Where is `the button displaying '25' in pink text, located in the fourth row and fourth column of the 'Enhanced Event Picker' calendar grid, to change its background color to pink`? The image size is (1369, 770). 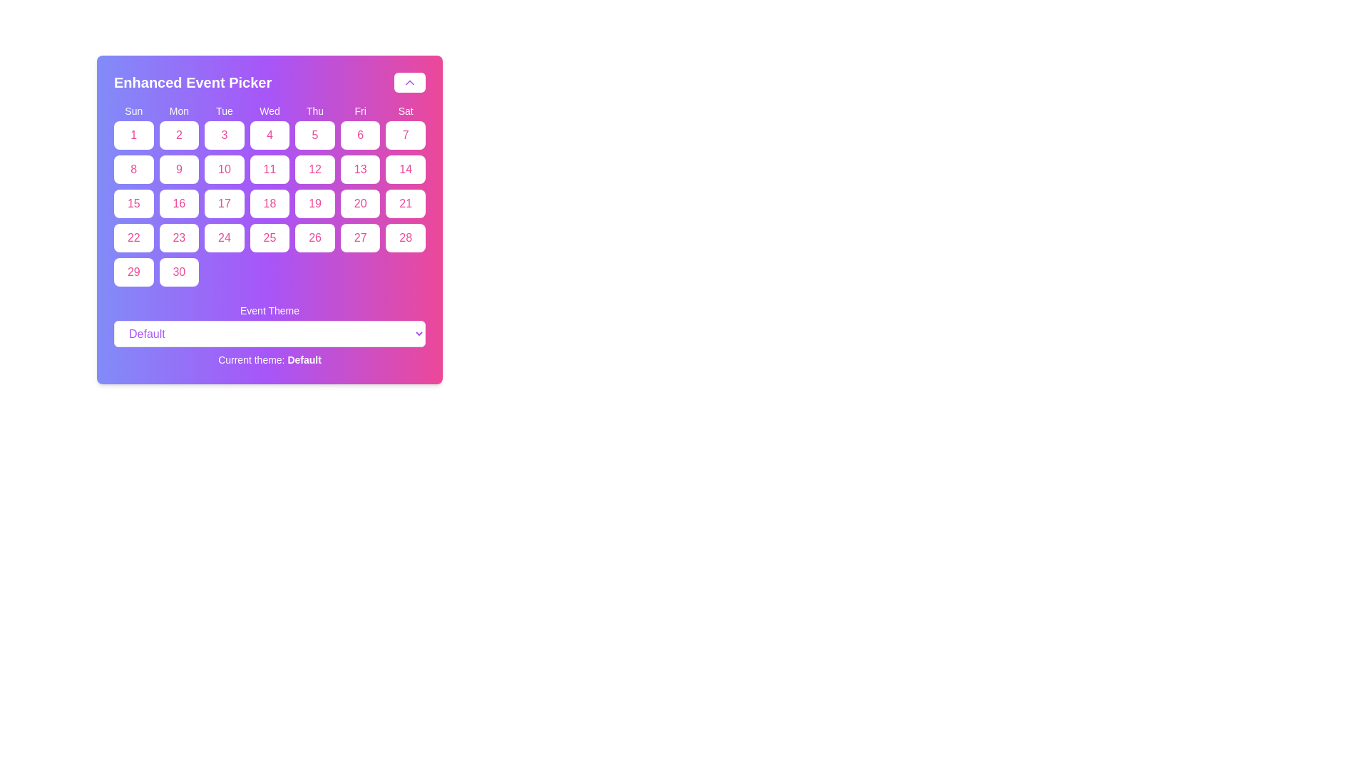
the button displaying '25' in pink text, located in the fourth row and fourth column of the 'Enhanced Event Picker' calendar grid, to change its background color to pink is located at coordinates (270, 237).